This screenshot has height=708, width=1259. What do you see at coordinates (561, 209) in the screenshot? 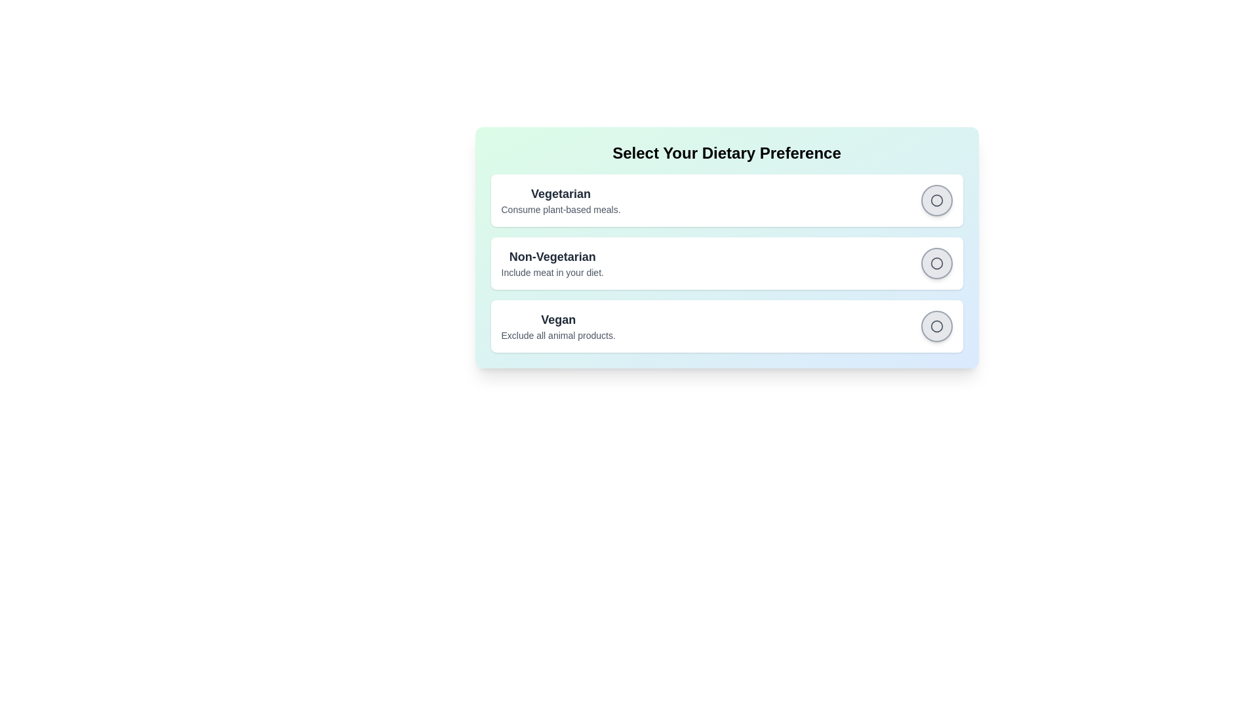
I see `the static text label providing additional information about the 'Vegetarian' dietary preference, located directly underneath the 'Vegetarian' option` at bounding box center [561, 209].